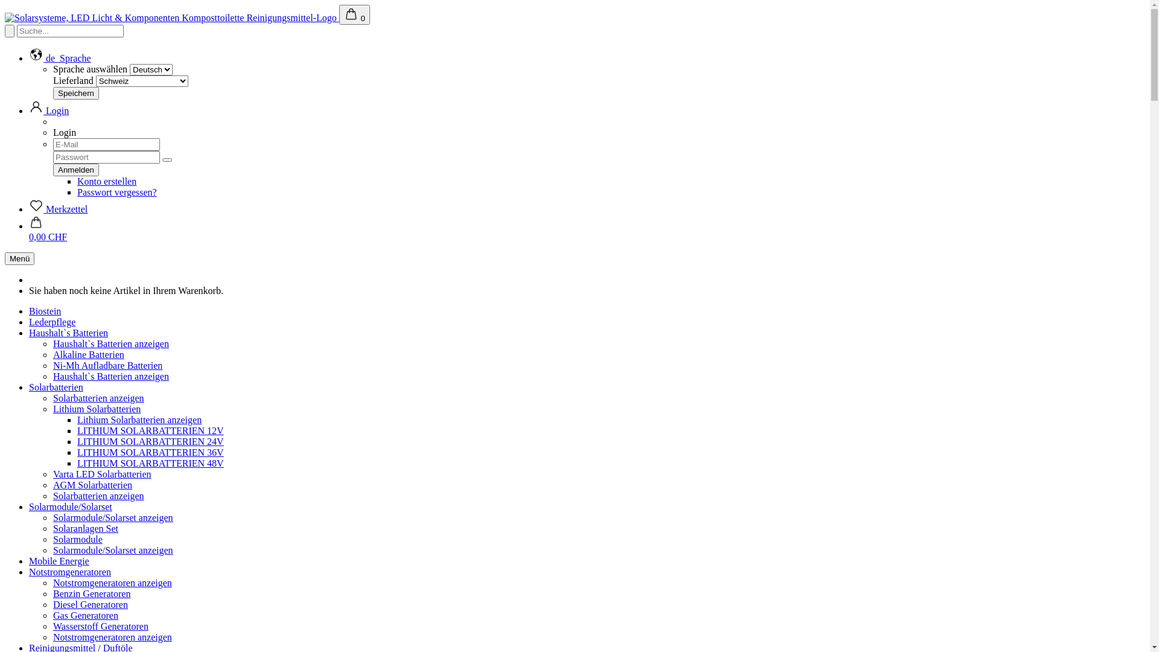  Describe the element at coordinates (88, 354) in the screenshot. I see `'Alkaline Batterien'` at that location.